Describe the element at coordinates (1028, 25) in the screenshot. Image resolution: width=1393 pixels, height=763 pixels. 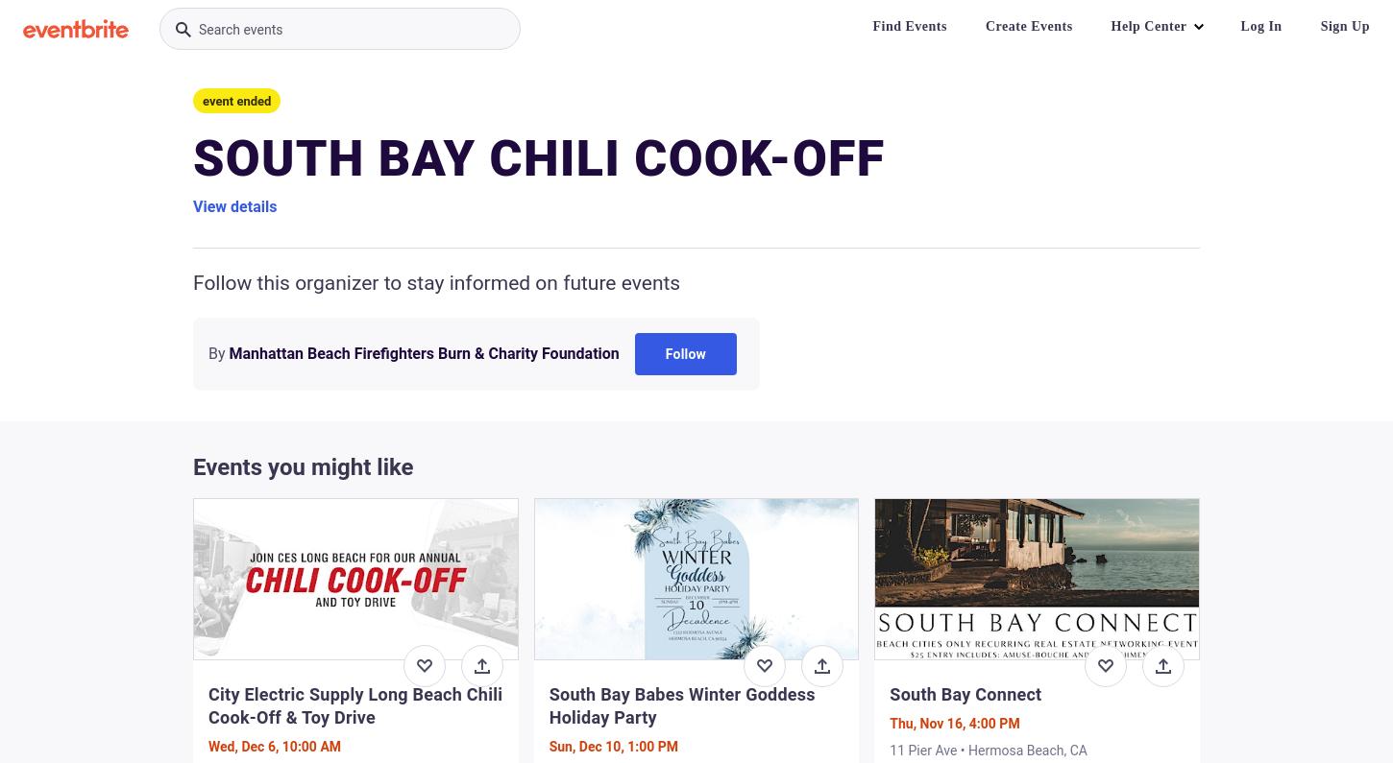
I see `'Create Events'` at that location.